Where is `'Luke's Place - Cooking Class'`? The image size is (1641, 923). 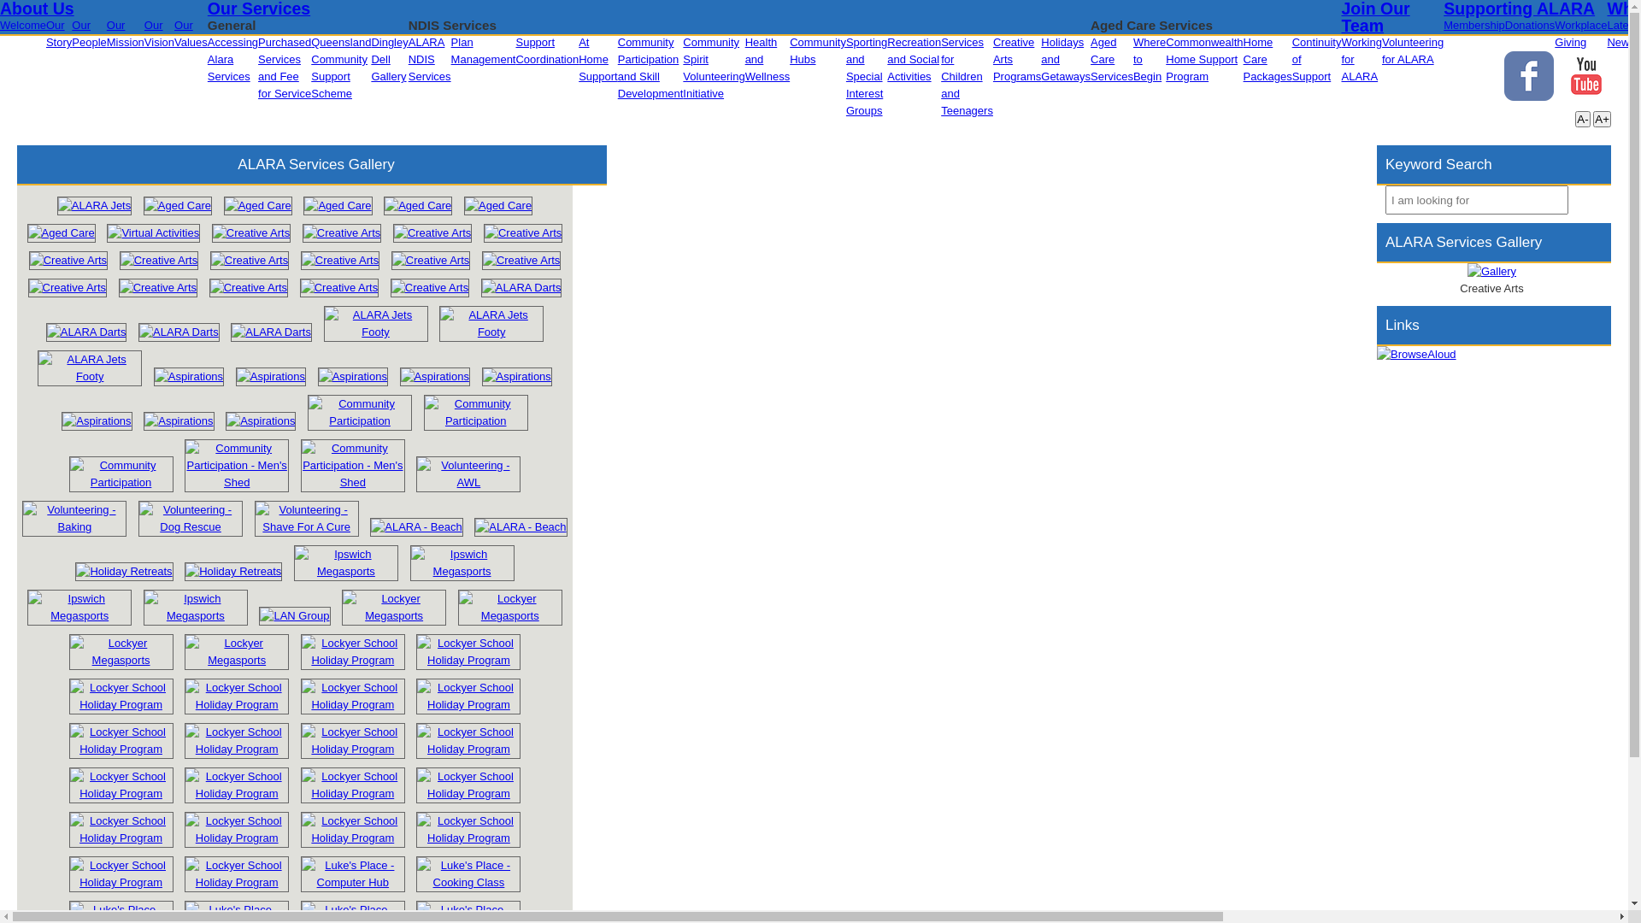
'Luke's Place - Cooking Class' is located at coordinates (411, 882).